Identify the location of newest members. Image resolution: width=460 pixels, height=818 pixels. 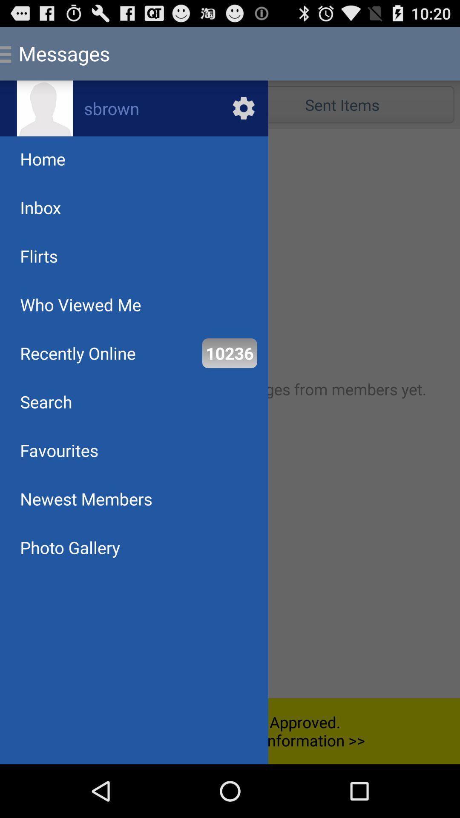
(86, 499).